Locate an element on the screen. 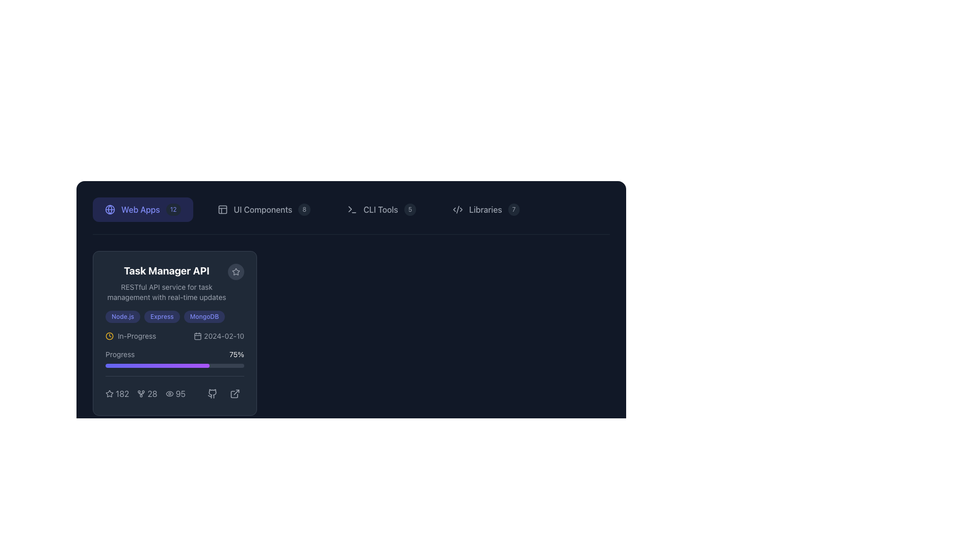  the triangular play icon located in the top-right section of the UI is located at coordinates (350, 209).